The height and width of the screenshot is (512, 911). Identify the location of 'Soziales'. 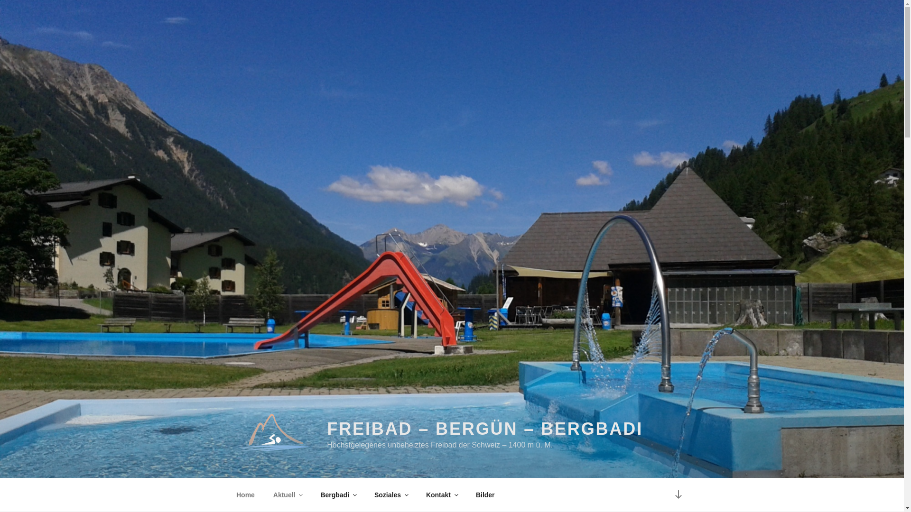
(390, 494).